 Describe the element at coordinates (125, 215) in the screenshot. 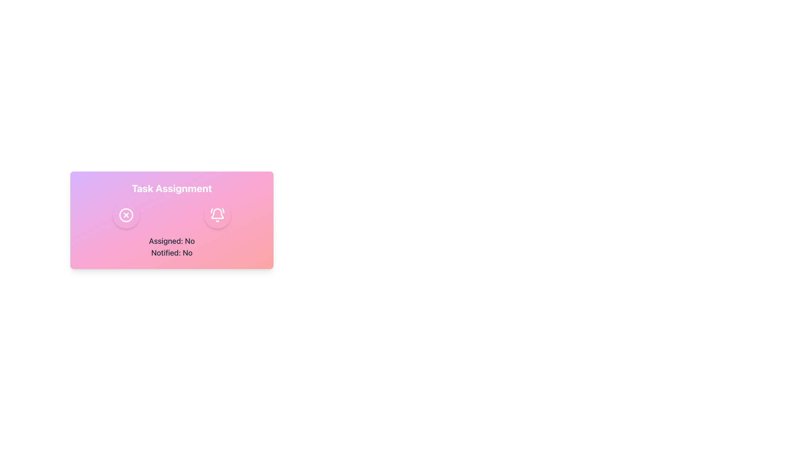

I see `the circular button with a gray background that contains a white 'X' icon, located beneath the text 'Task Assignment' and above the labels 'Assigned: No' and 'Notified: No'` at that location.